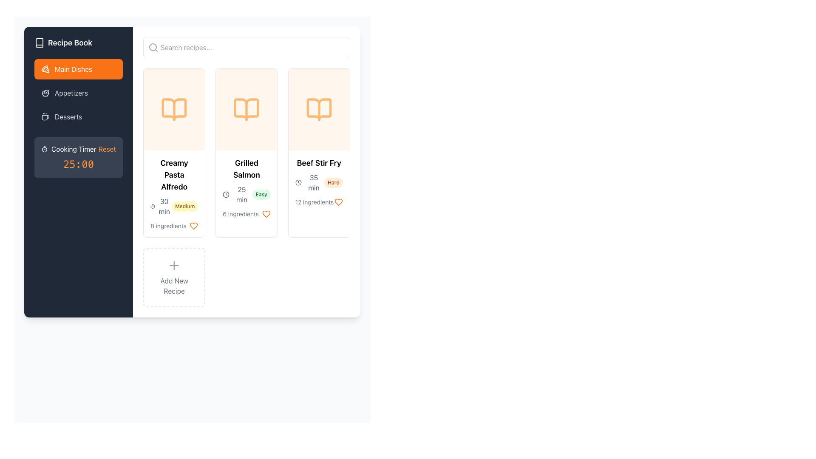  I want to click on the decorative recipe card icon representing 'Grilled Salmon' in the orange-tinted header area, so click(246, 109).